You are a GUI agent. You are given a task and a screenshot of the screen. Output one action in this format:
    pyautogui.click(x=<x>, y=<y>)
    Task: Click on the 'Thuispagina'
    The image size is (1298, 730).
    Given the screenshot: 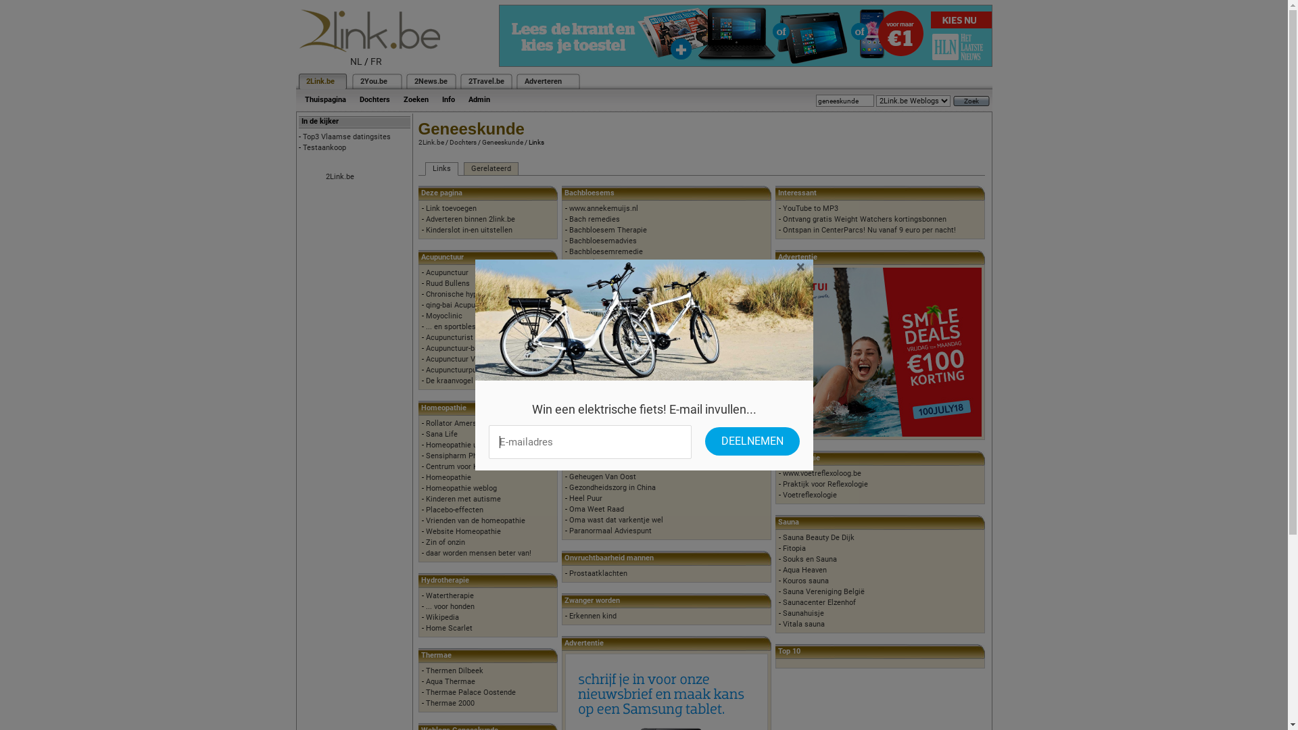 What is the action you would take?
    pyautogui.click(x=324, y=99)
    